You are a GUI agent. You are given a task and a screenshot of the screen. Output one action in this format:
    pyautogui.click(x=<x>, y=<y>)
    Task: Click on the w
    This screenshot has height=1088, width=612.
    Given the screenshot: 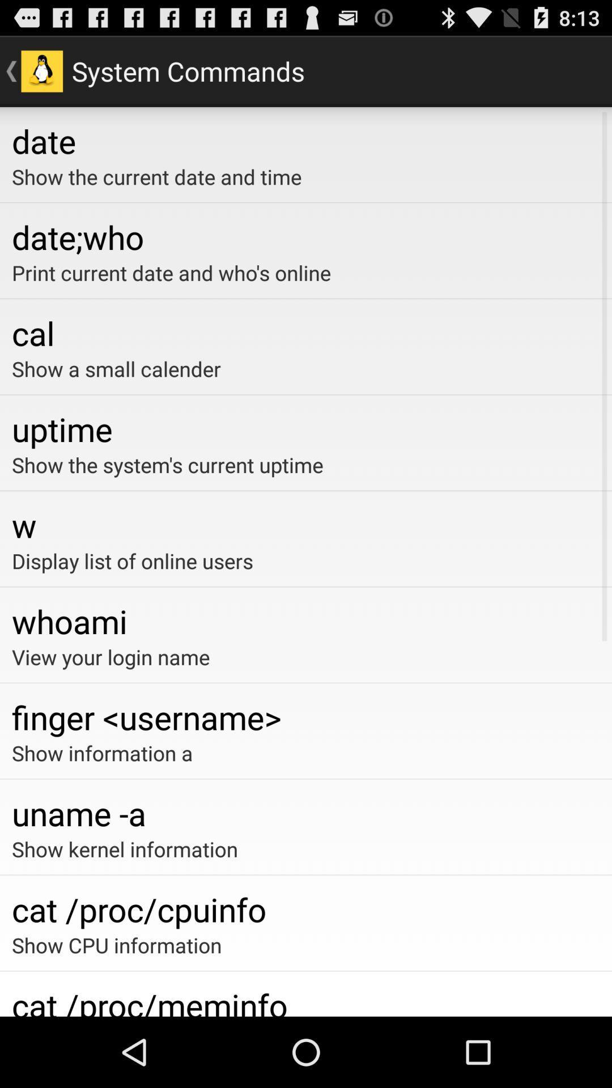 What is the action you would take?
    pyautogui.click(x=306, y=524)
    